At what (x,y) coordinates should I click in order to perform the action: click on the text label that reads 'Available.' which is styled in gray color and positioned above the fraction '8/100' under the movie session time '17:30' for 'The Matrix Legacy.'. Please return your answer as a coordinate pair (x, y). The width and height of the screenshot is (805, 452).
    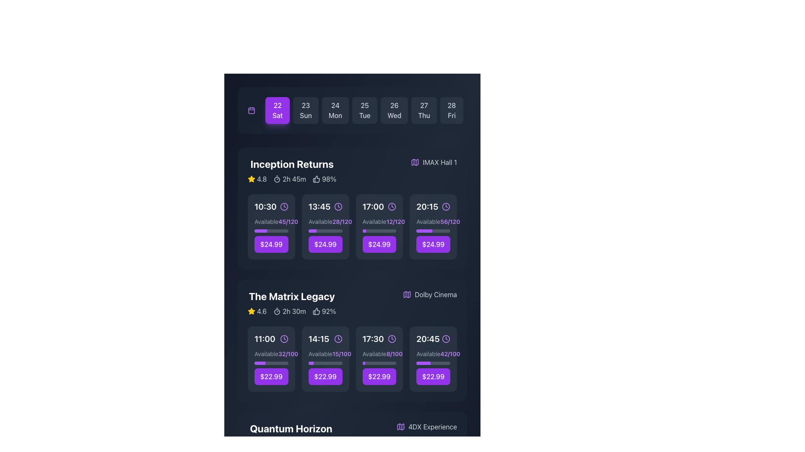
    Looking at the image, I should click on (374, 354).